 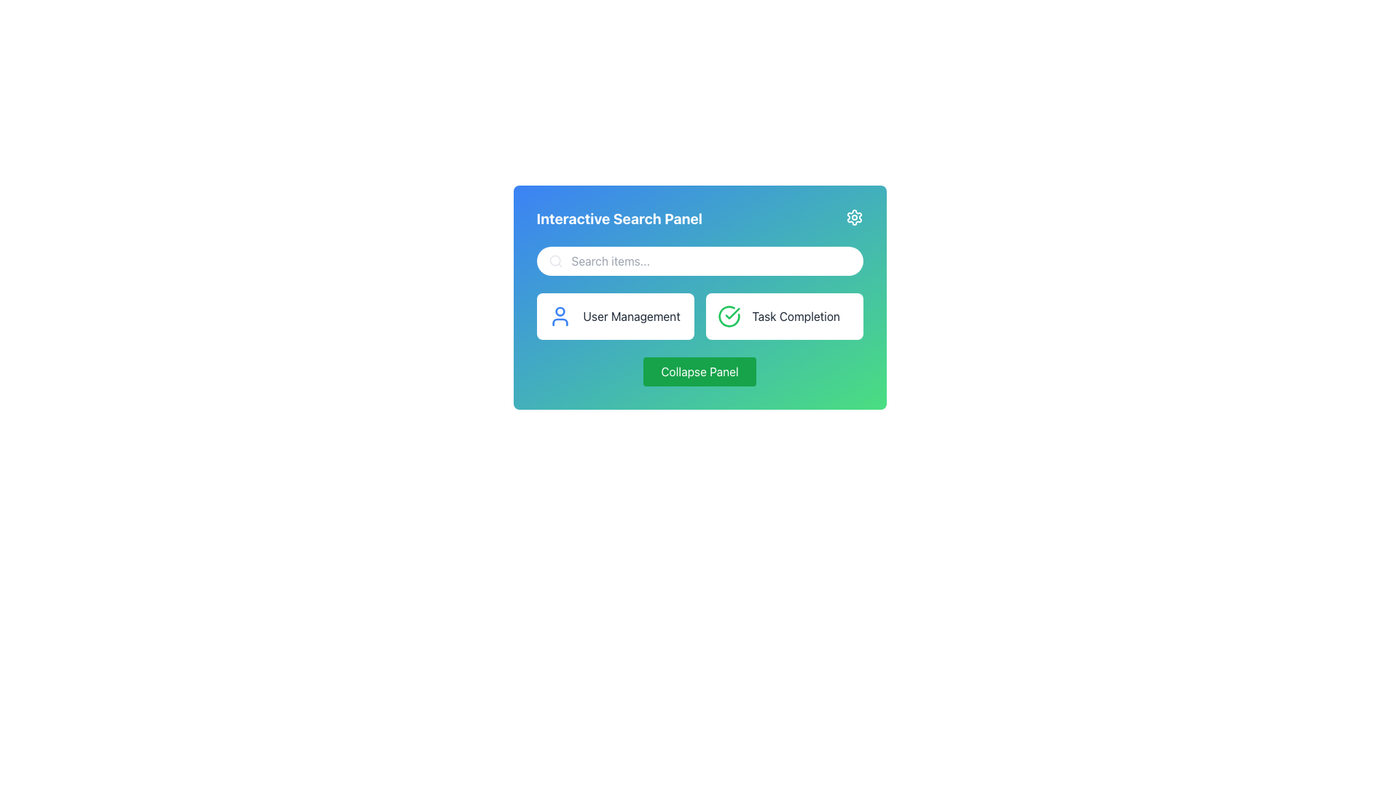 I want to click on the 'User Management' icon located towards the left side of the main panel, above the text label in the card interface, so click(x=559, y=322).